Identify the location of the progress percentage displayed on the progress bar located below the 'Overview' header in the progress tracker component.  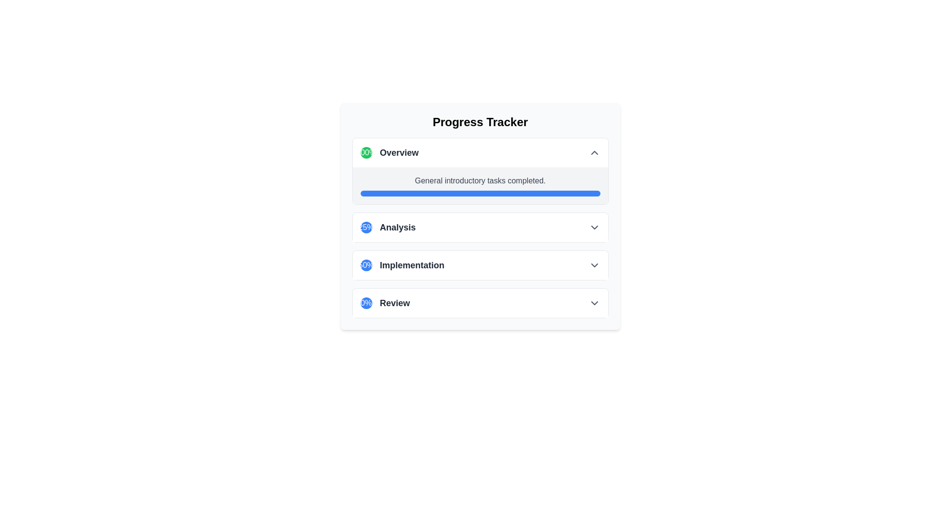
(480, 185).